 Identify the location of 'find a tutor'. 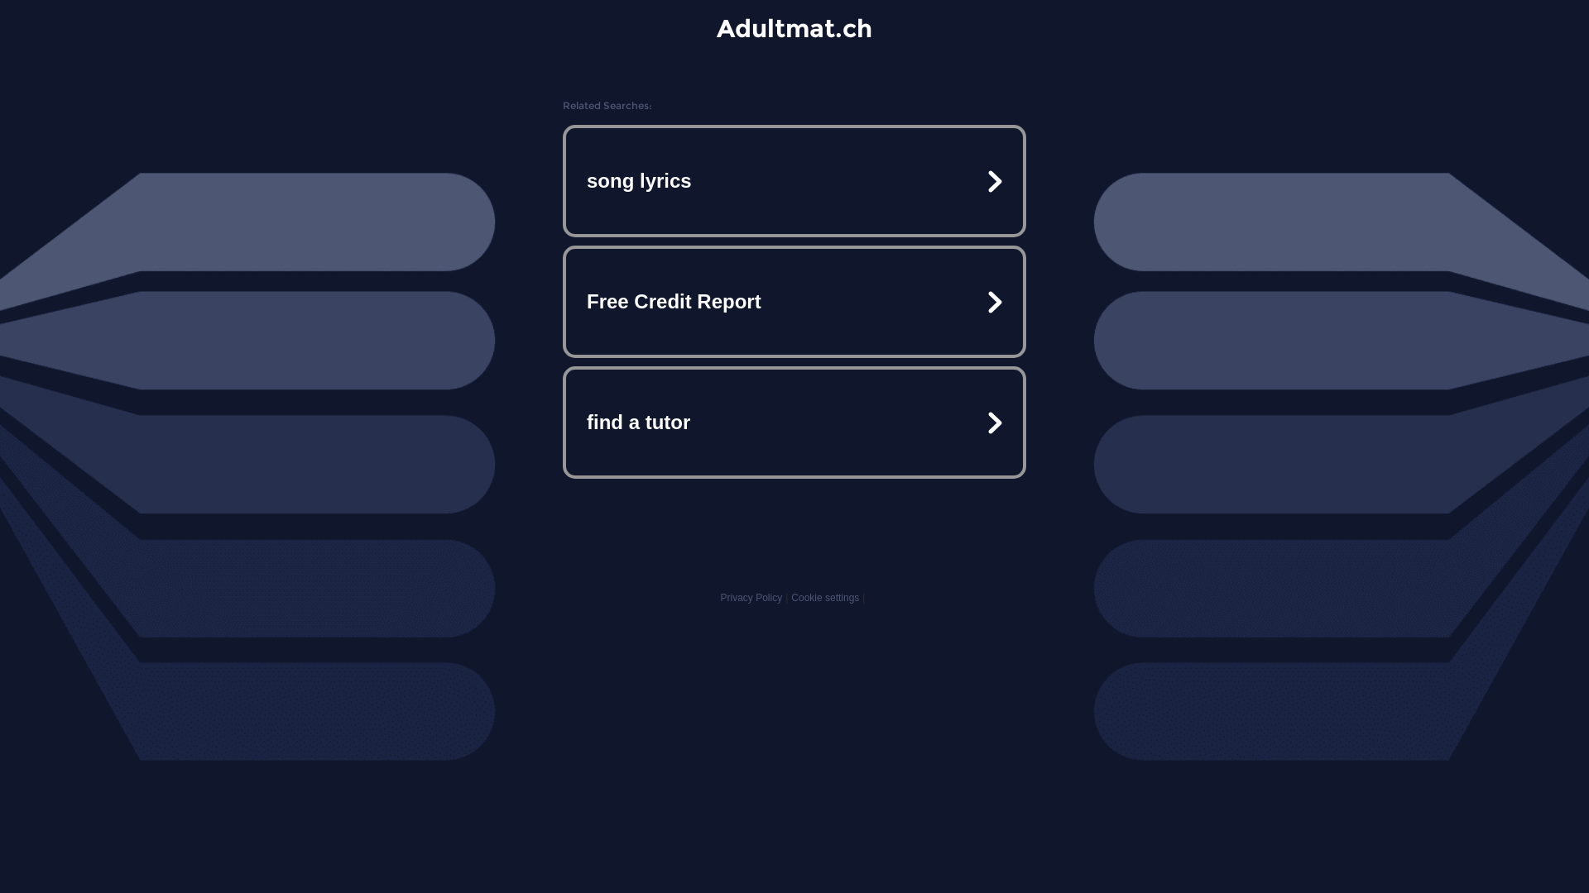
(794, 421).